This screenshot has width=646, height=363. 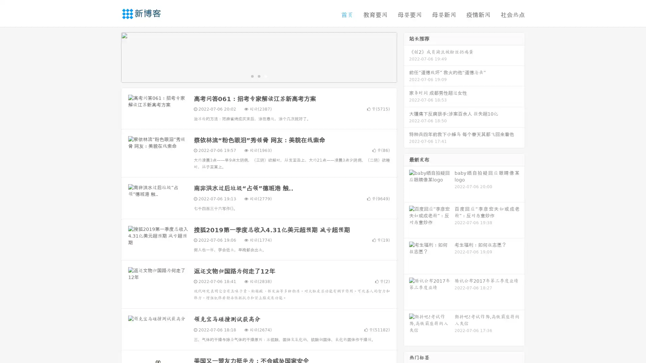 I want to click on Previous slide, so click(x=111, y=56).